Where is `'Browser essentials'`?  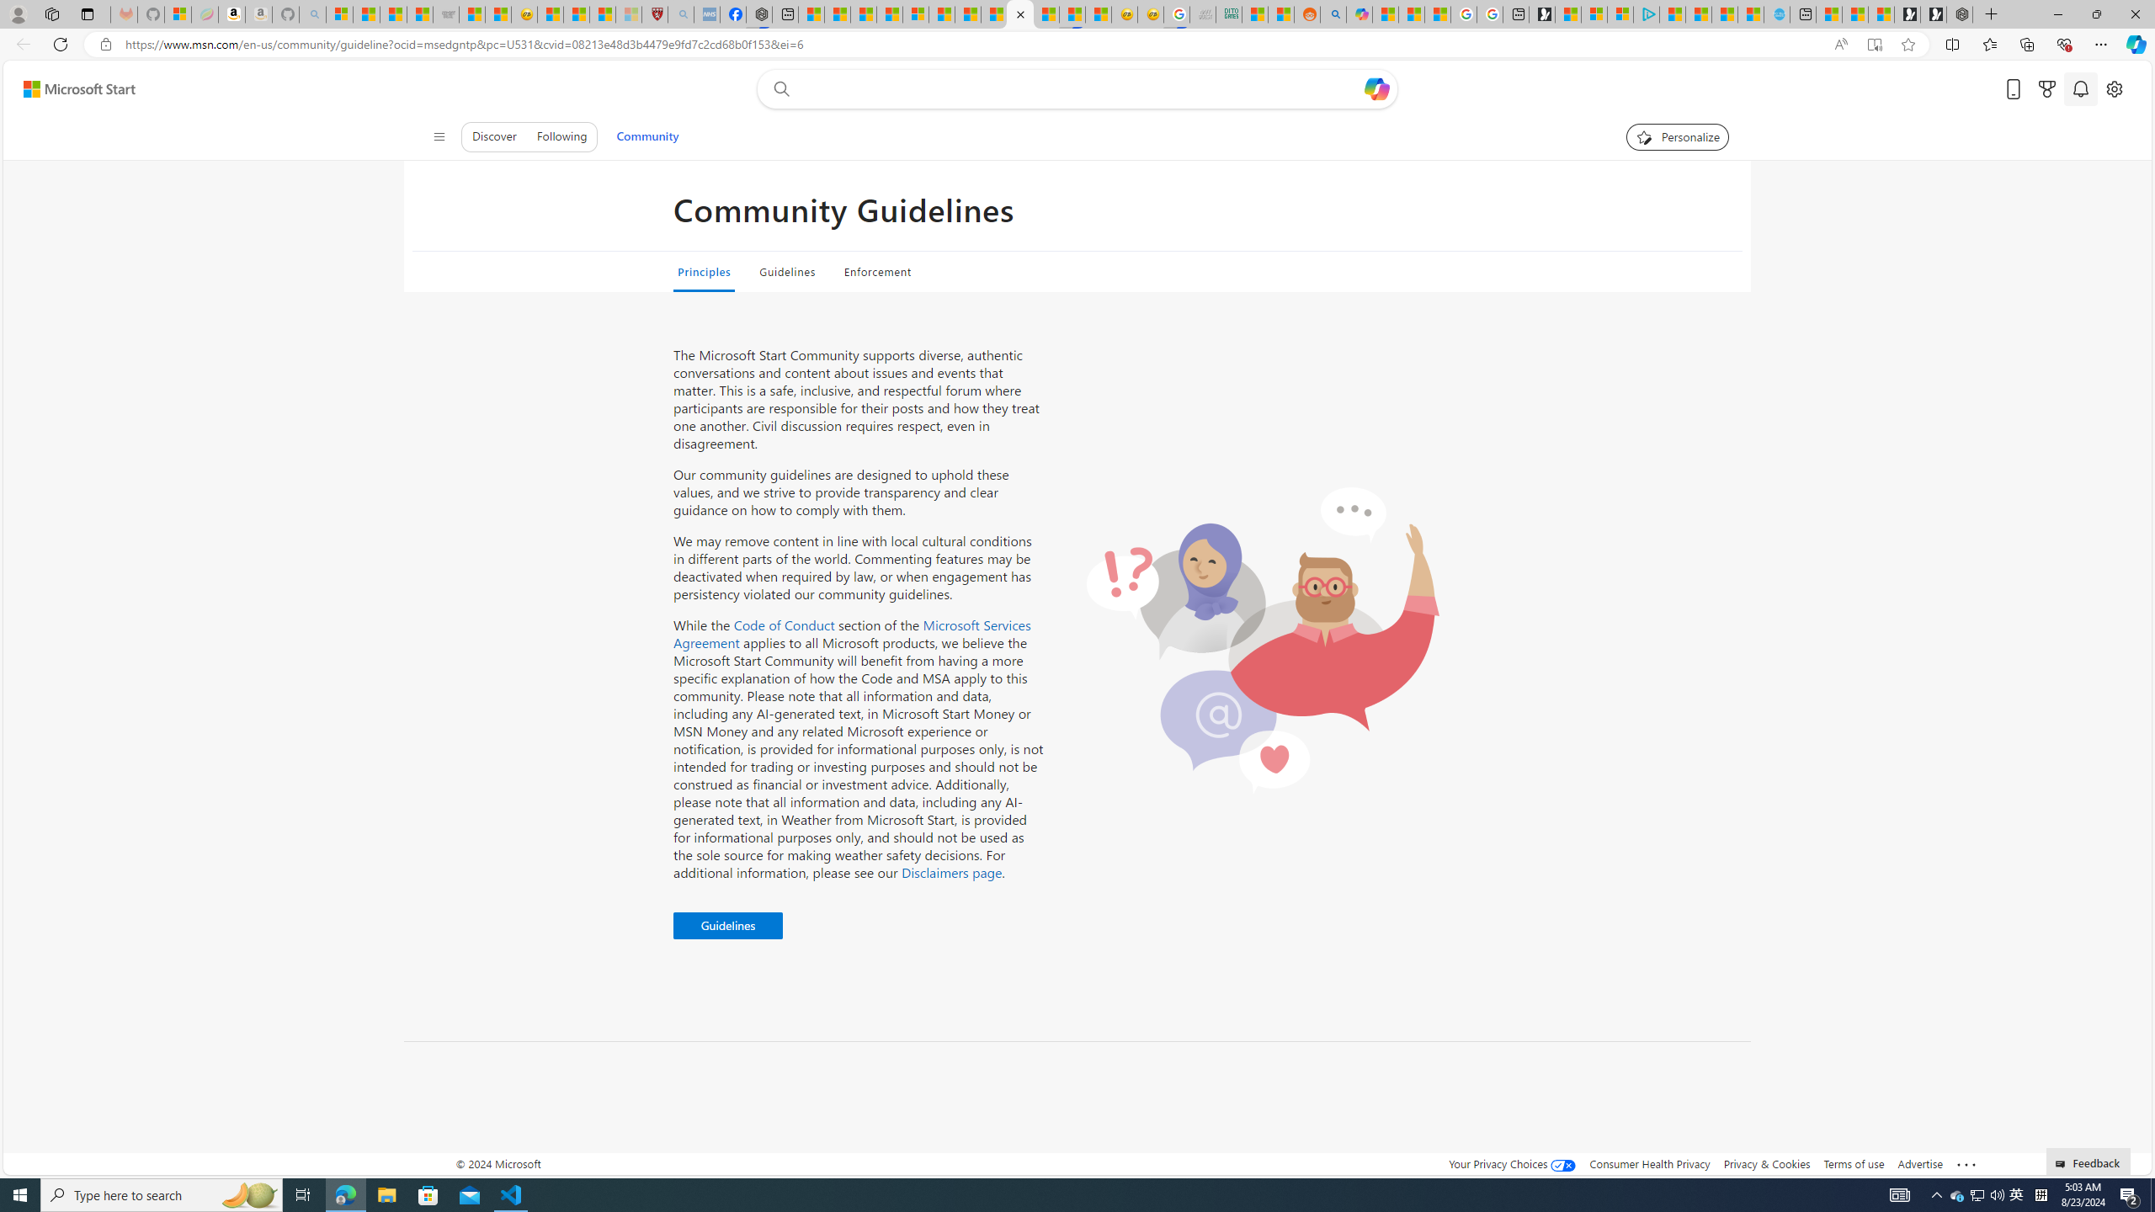 'Browser essentials' is located at coordinates (2063, 43).